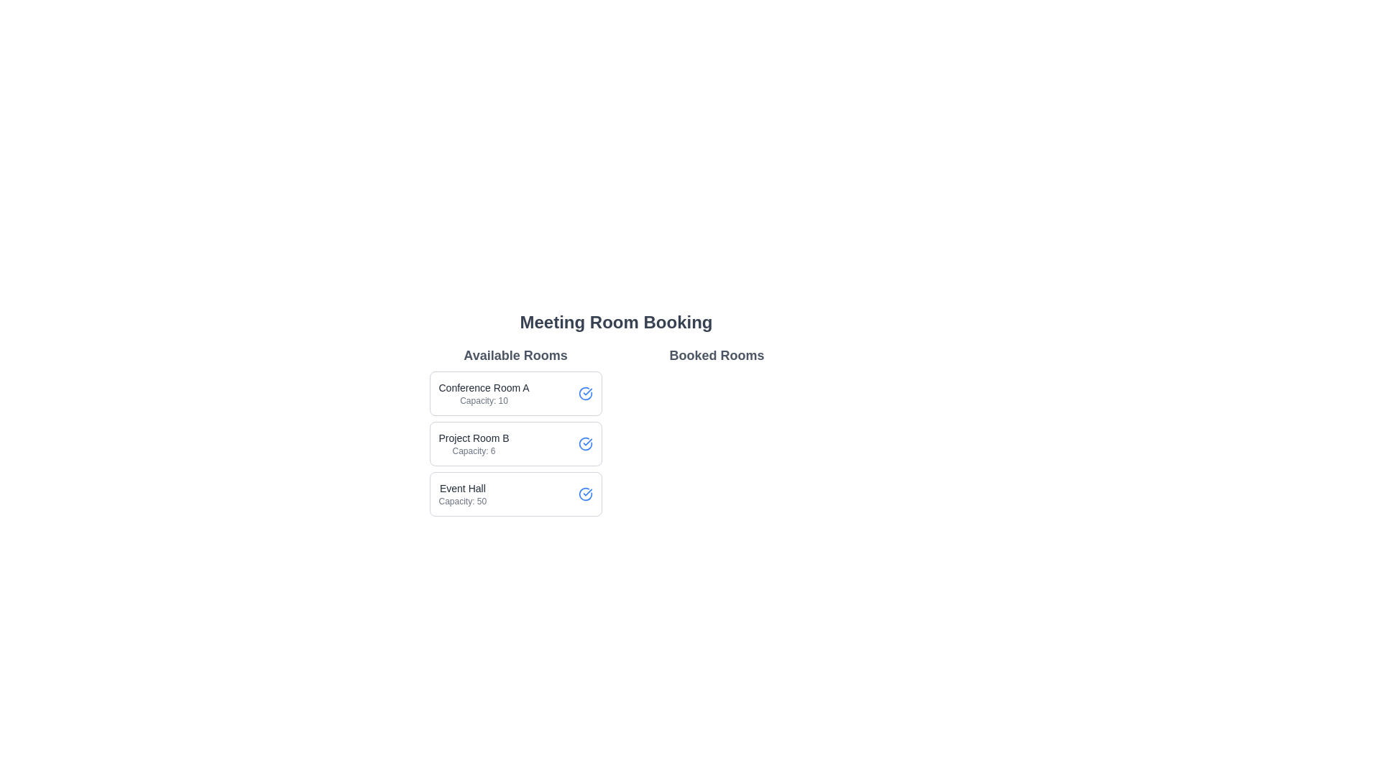 The height and width of the screenshot is (776, 1380). What do you see at coordinates (616, 430) in the screenshot?
I see `the interactive icons in the room rows within the 'Available Rooms' section under the 'Meeting Room Booking' title` at bounding box center [616, 430].